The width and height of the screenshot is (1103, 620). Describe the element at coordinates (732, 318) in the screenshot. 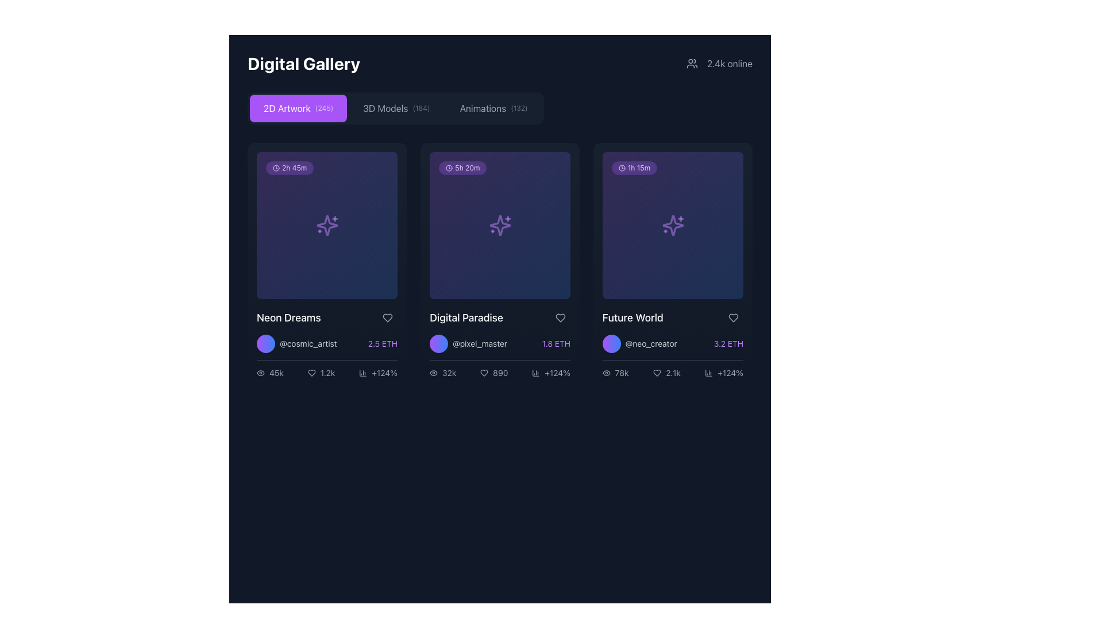

I see `the heart-shaped icon button at the bottom-right corner of the 'Future World' card to mark the item as a favorite` at that location.